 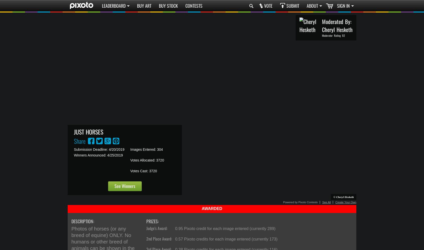 What do you see at coordinates (139, 171) in the screenshot?
I see `'Votes Cast:'` at bounding box center [139, 171].